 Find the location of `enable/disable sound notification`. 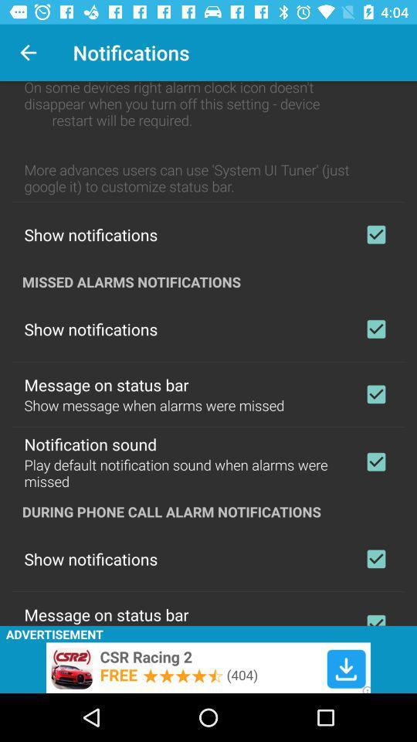

enable/disable sound notification is located at coordinates (375, 461).